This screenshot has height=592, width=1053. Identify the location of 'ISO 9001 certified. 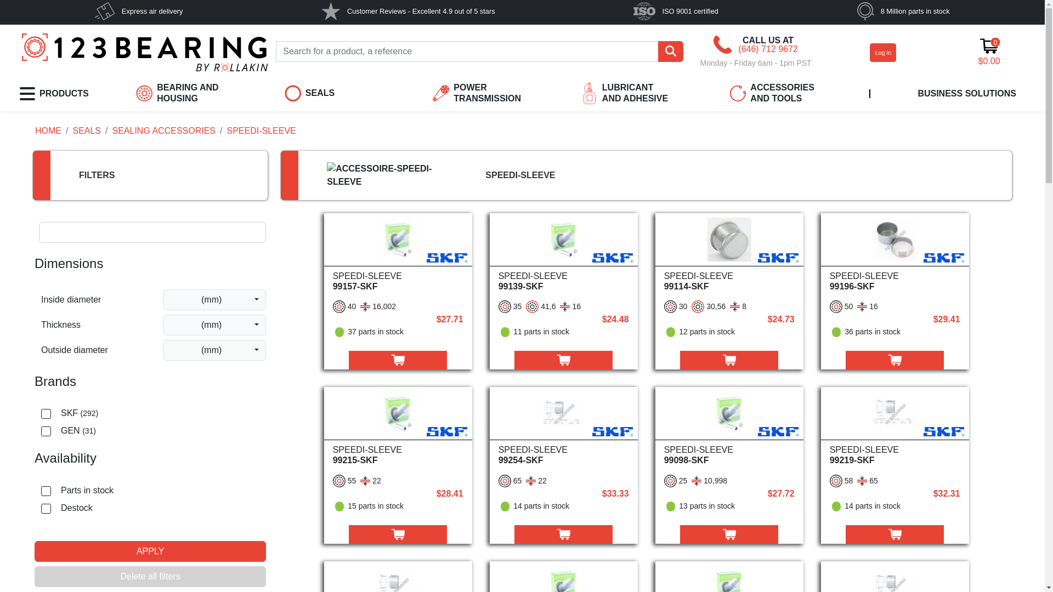
(675, 11).